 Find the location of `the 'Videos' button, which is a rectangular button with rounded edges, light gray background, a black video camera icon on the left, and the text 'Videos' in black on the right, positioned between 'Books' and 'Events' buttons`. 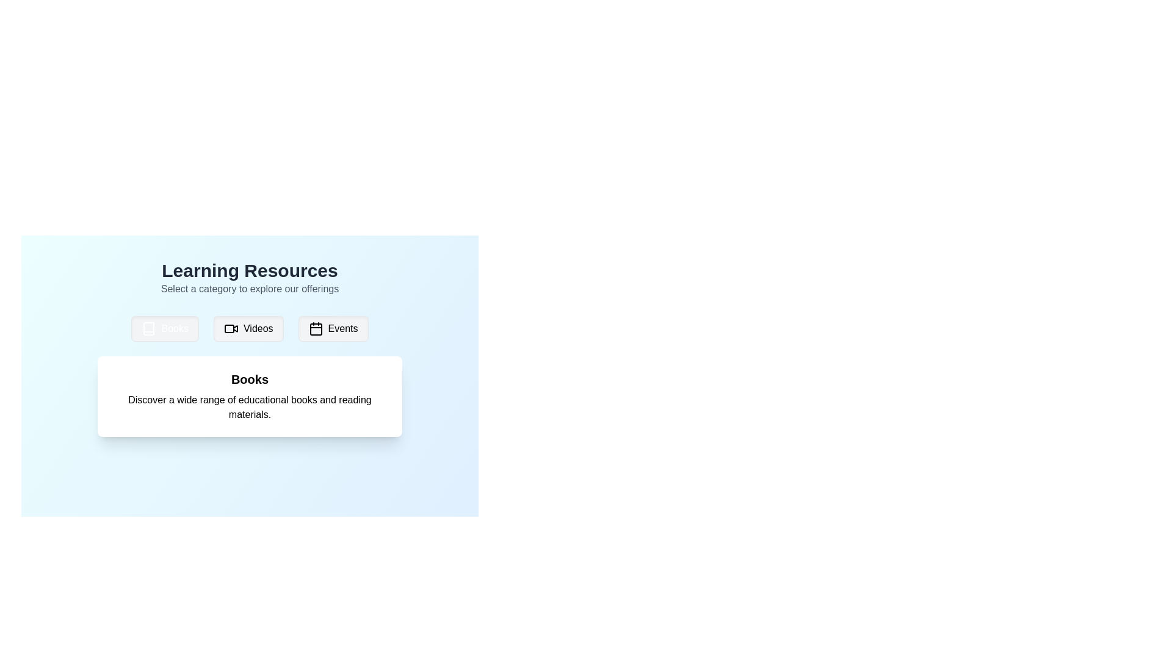

the 'Videos' button, which is a rectangular button with rounded edges, light gray background, a black video camera icon on the left, and the text 'Videos' in black on the right, positioned between 'Books' and 'Events' buttons is located at coordinates (248, 328).